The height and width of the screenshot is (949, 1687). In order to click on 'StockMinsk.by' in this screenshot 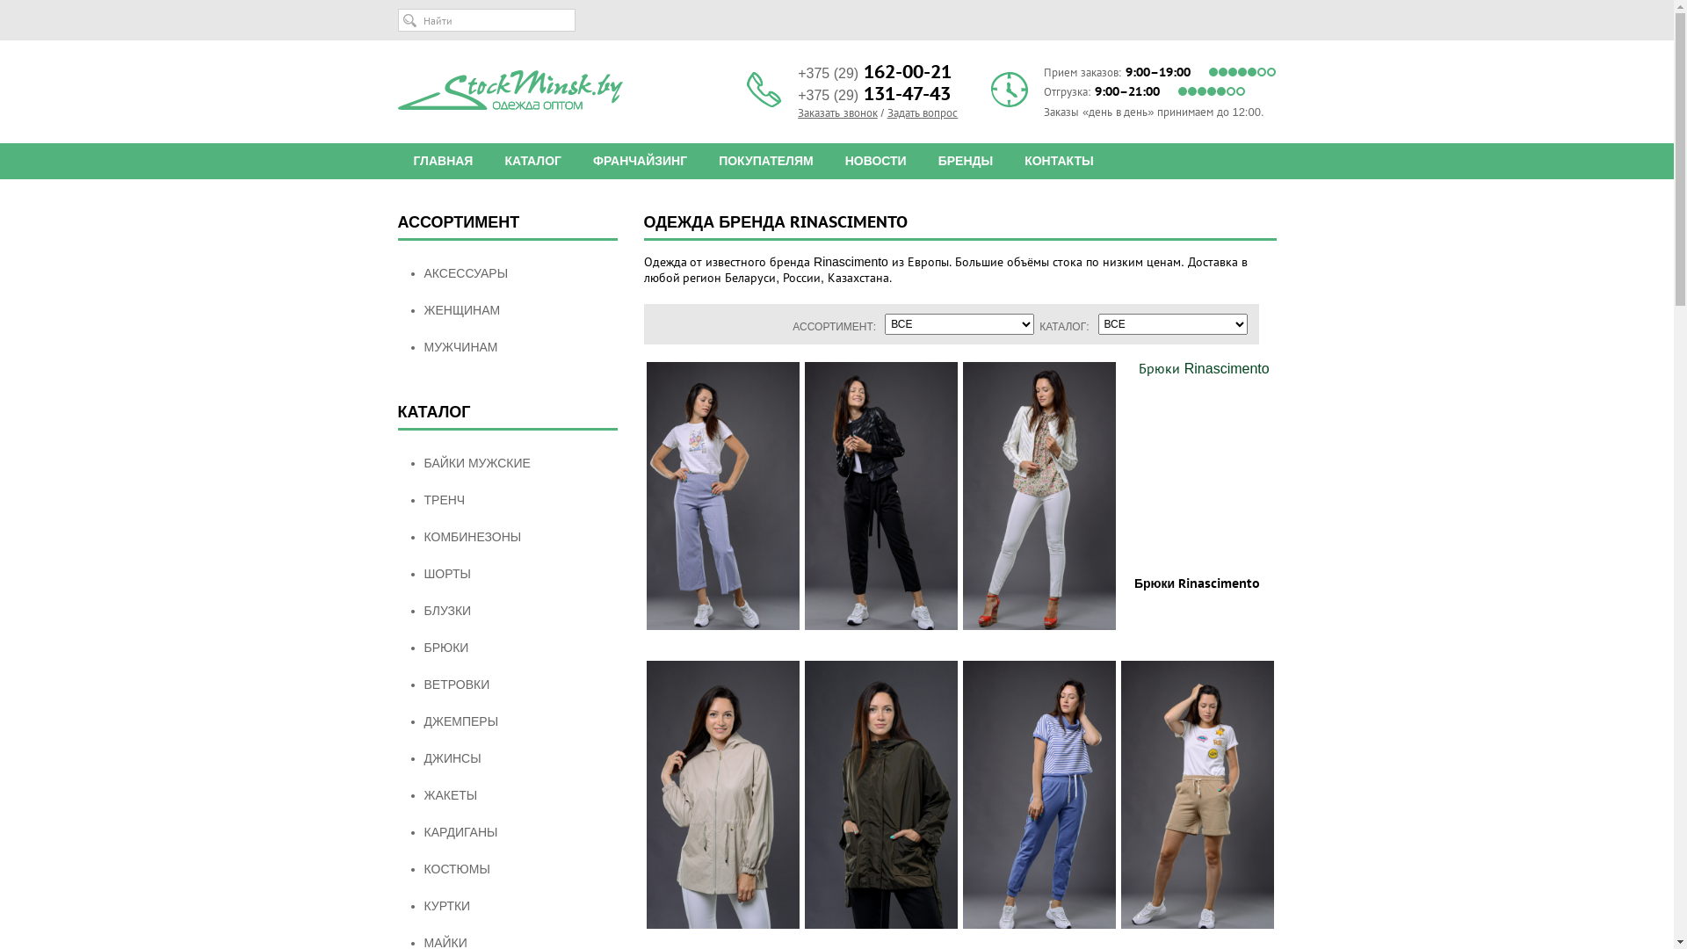, I will do `click(395, 91)`.